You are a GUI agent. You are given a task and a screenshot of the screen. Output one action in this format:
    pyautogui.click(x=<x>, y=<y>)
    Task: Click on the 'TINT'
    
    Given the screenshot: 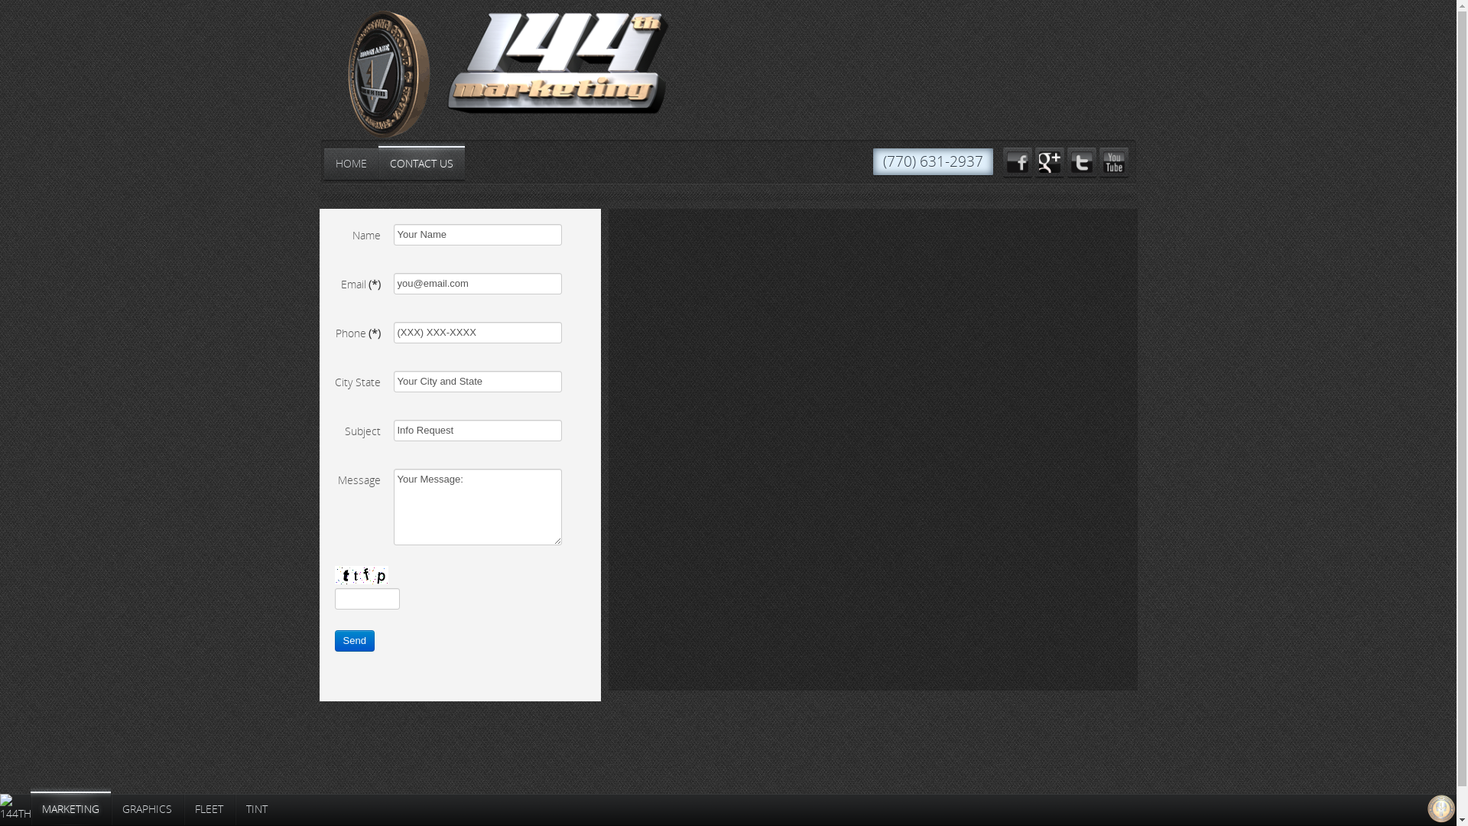 What is the action you would take?
    pyautogui.click(x=257, y=808)
    